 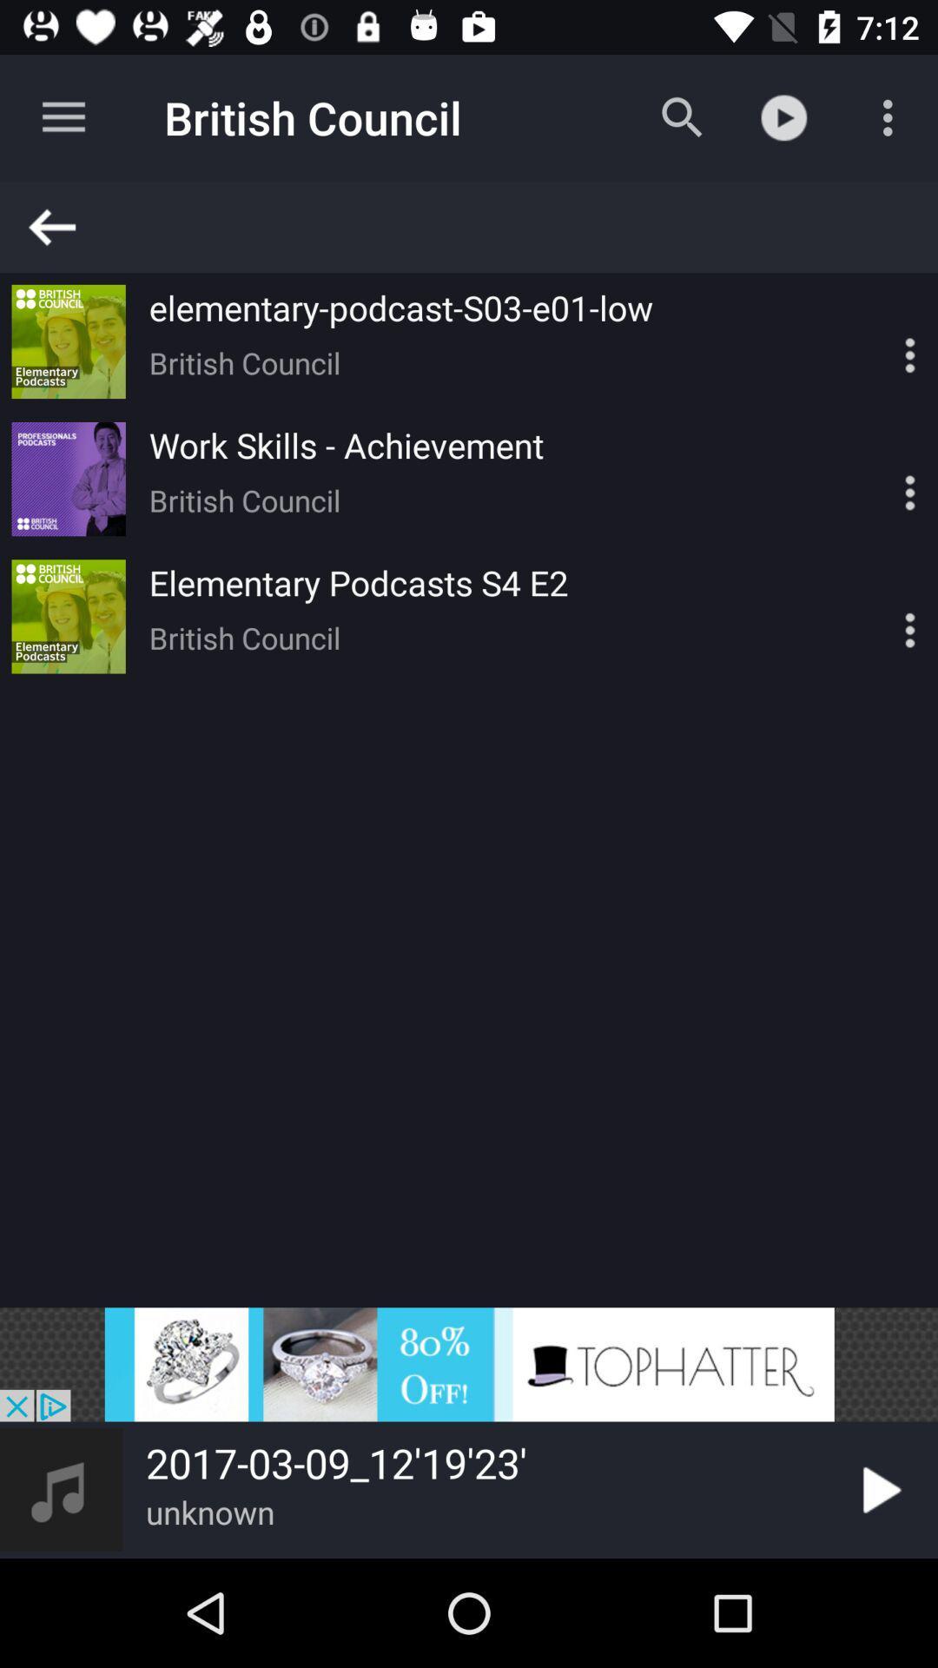 I want to click on option, so click(x=878, y=1489).